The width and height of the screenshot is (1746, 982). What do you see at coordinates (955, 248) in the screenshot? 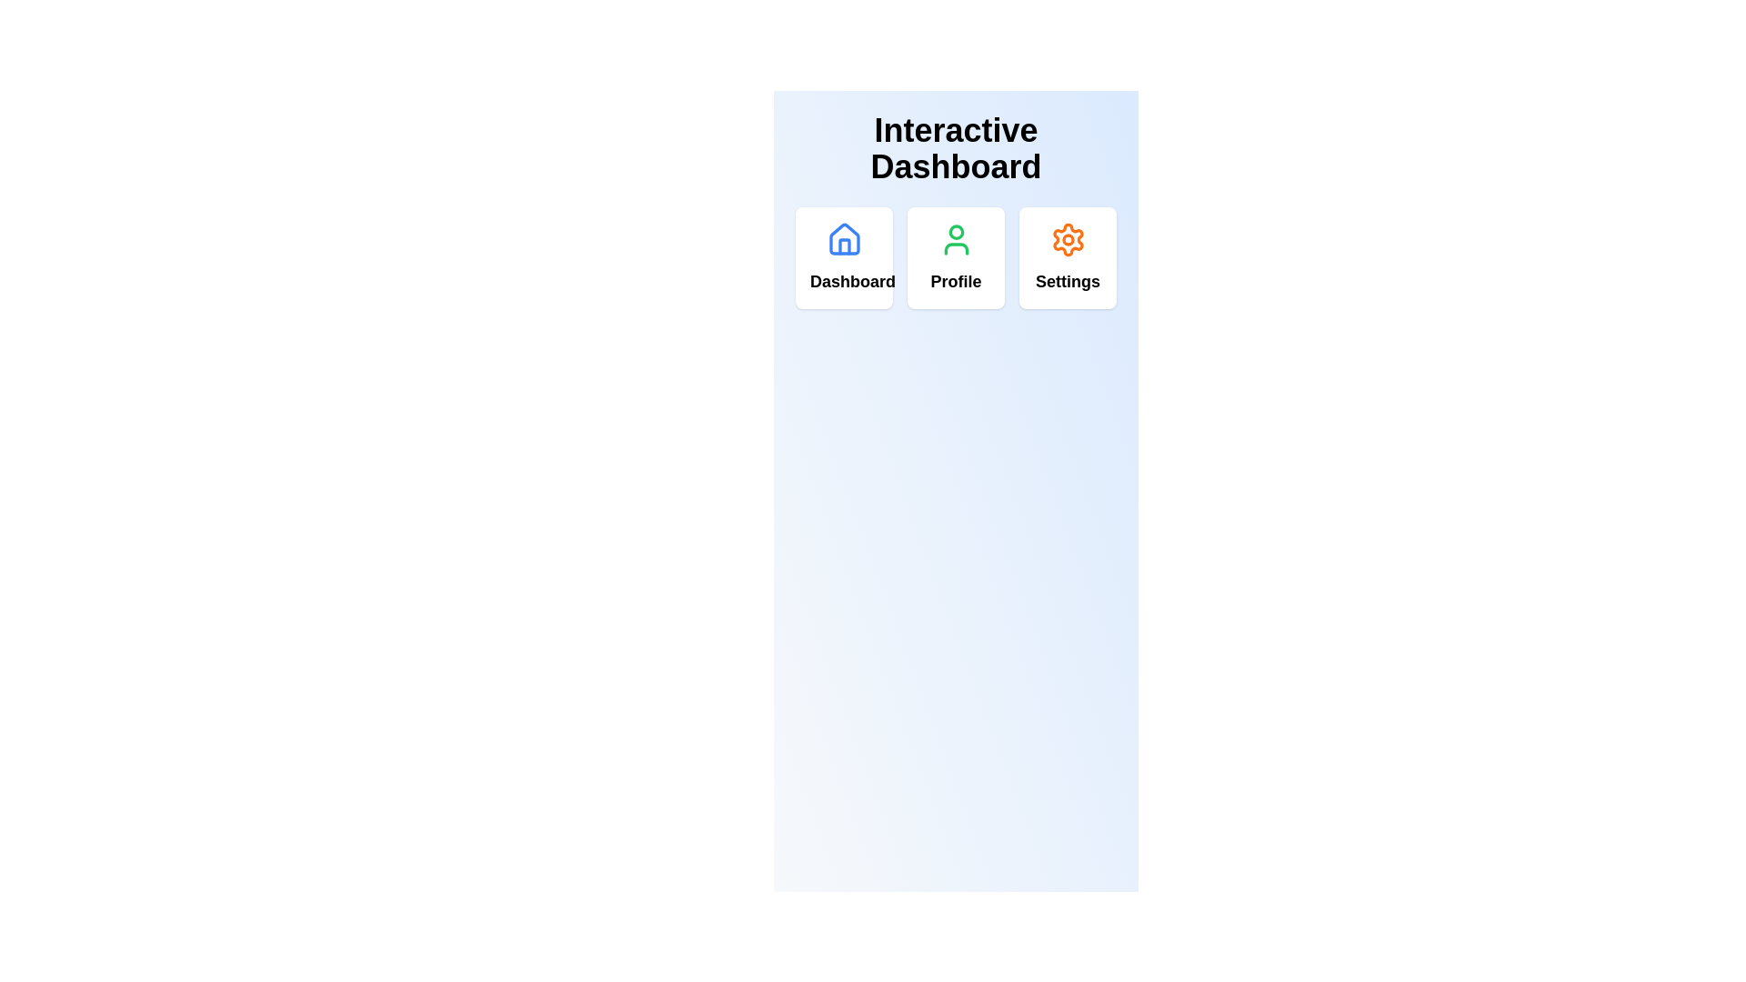
I see `the lower component of the user icon's torso outline in the Profile section` at bounding box center [955, 248].